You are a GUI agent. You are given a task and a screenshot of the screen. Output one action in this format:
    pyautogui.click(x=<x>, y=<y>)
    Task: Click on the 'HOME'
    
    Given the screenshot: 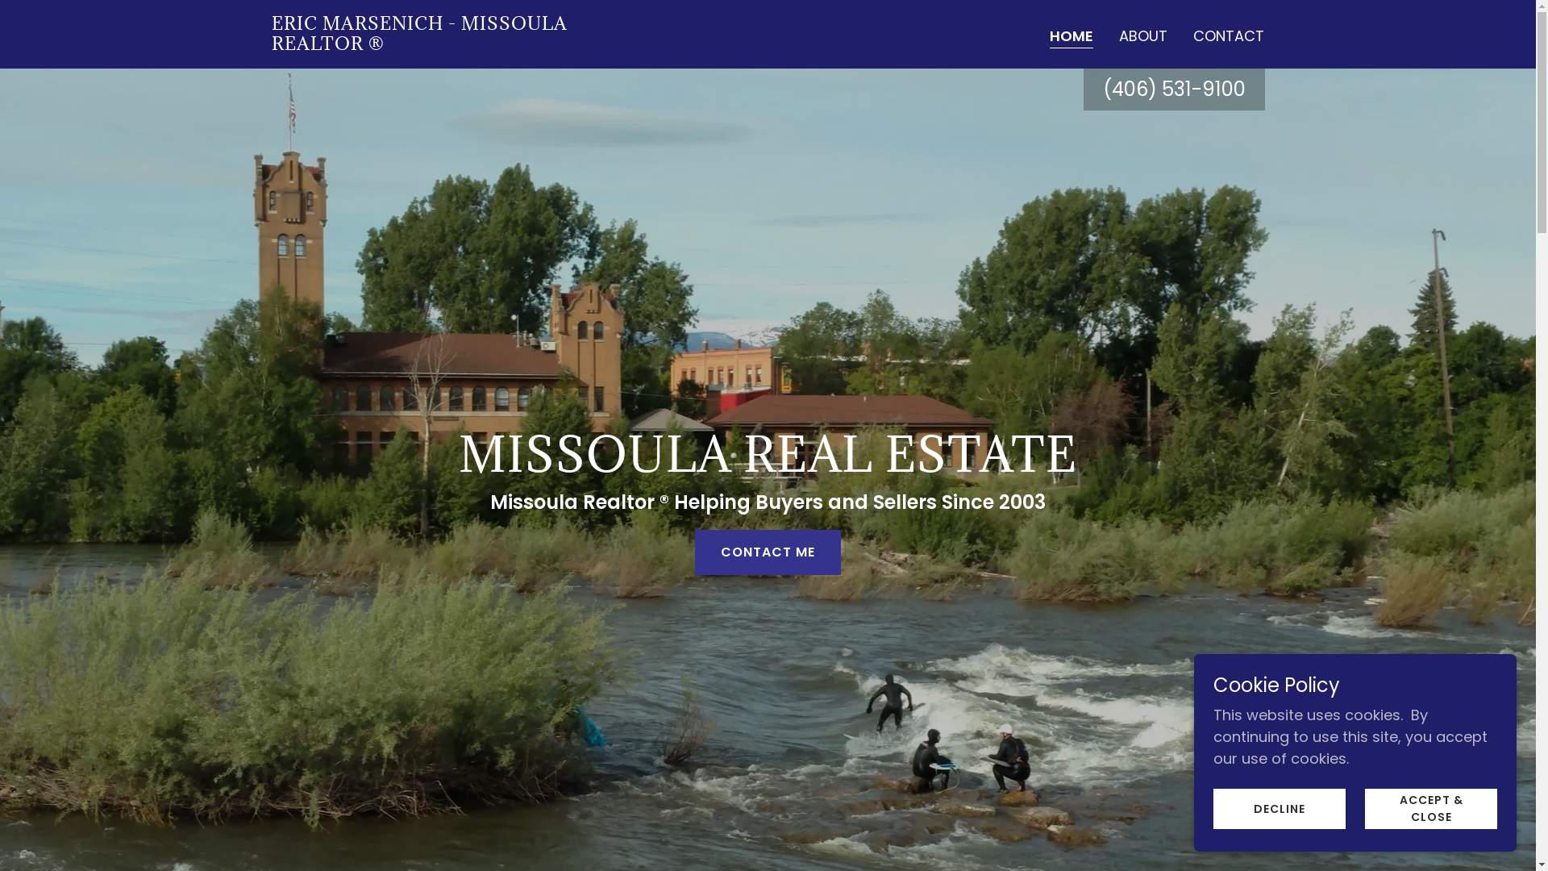 What is the action you would take?
    pyautogui.click(x=1072, y=36)
    